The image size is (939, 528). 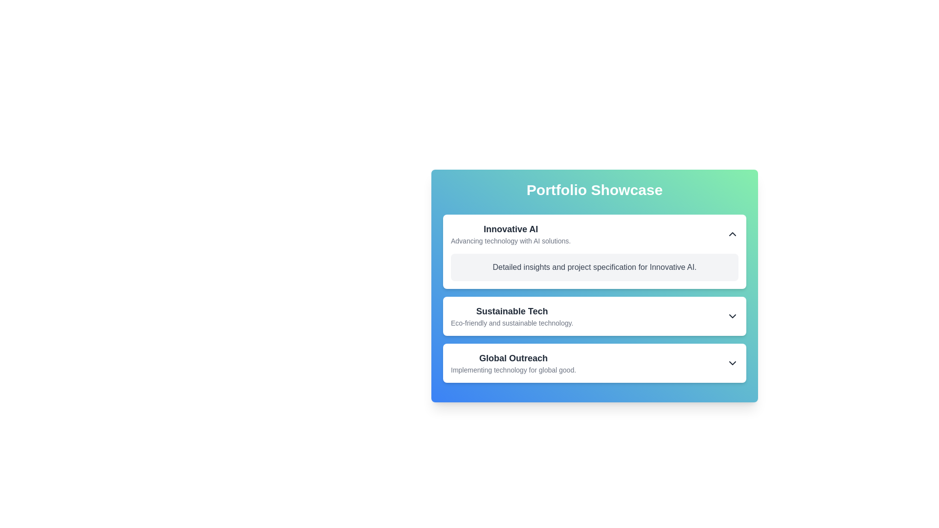 I want to click on text from the header titled 'Portfolio Showcase', which is located at the top center of the rounded, gradient-colored card, so click(x=594, y=190).